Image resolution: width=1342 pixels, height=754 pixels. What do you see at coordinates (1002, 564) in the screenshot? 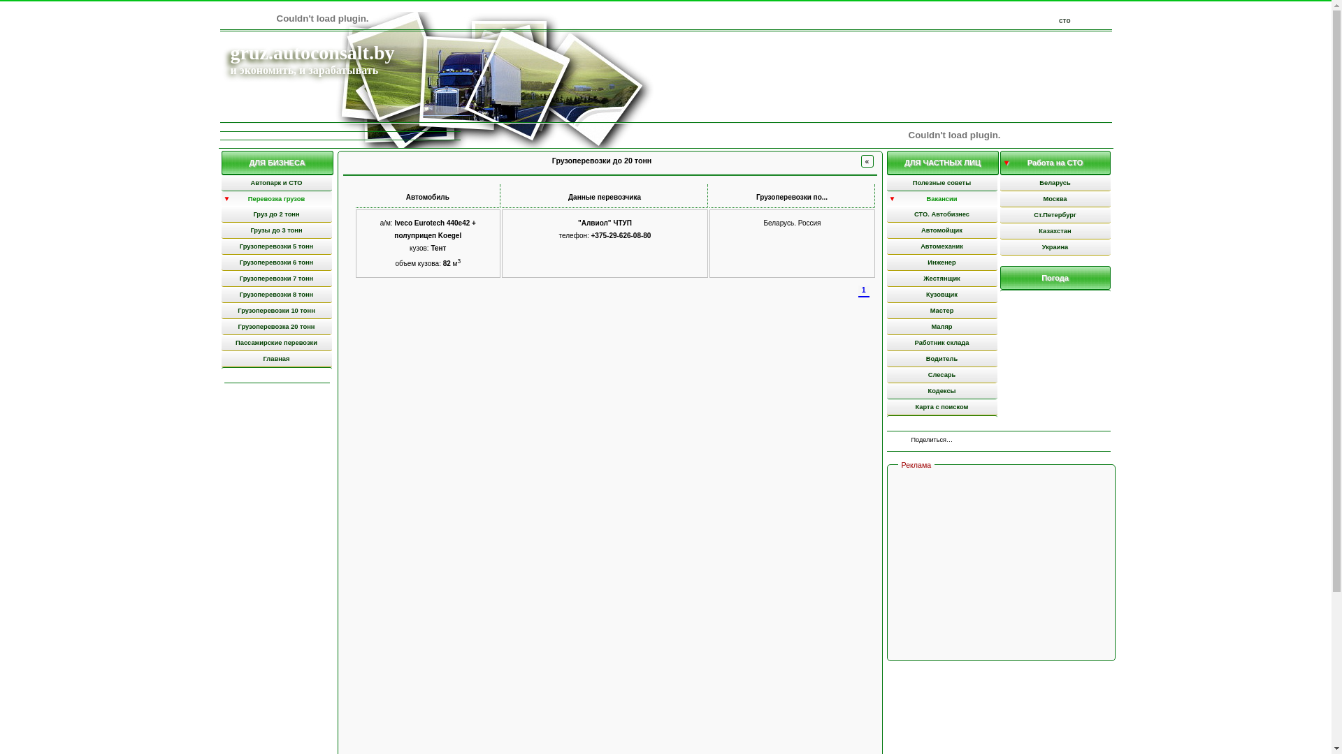
I see `'Advertisement'` at bounding box center [1002, 564].